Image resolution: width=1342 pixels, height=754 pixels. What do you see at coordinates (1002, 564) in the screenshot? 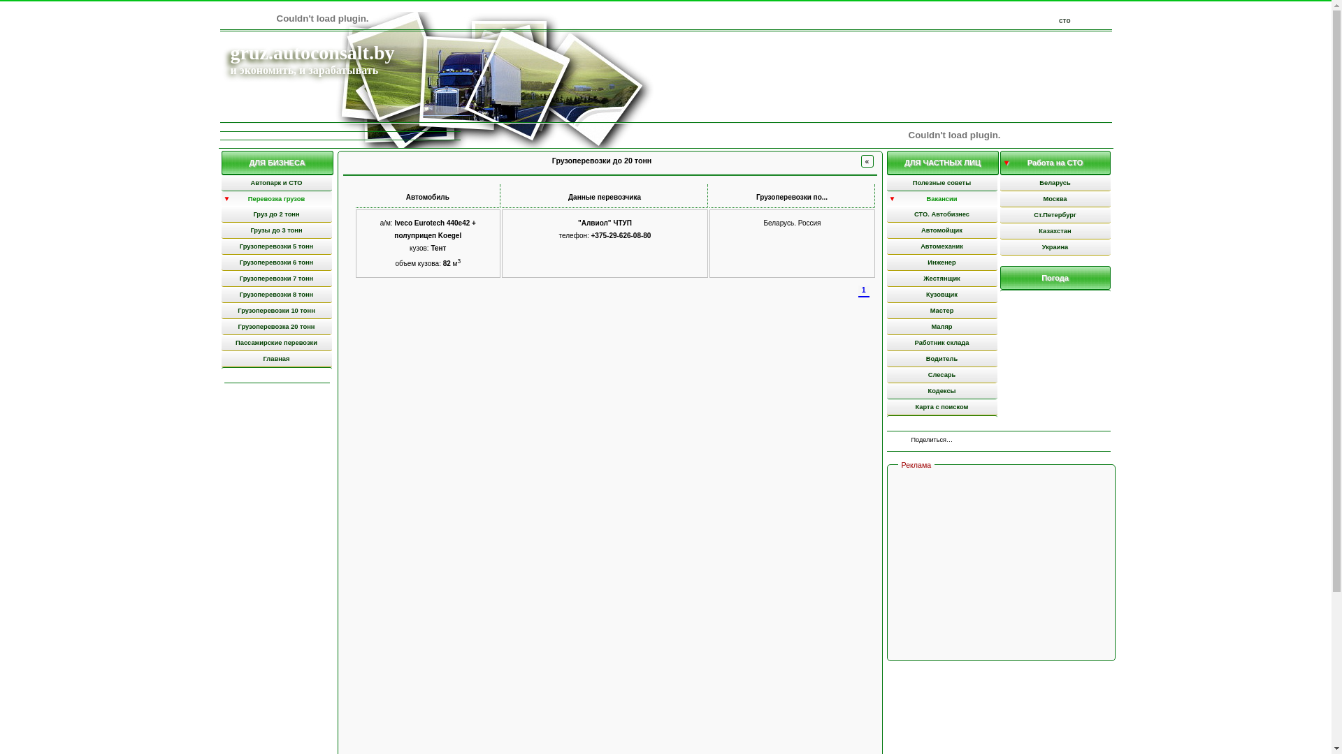
I see `'Advertisement'` at bounding box center [1002, 564].